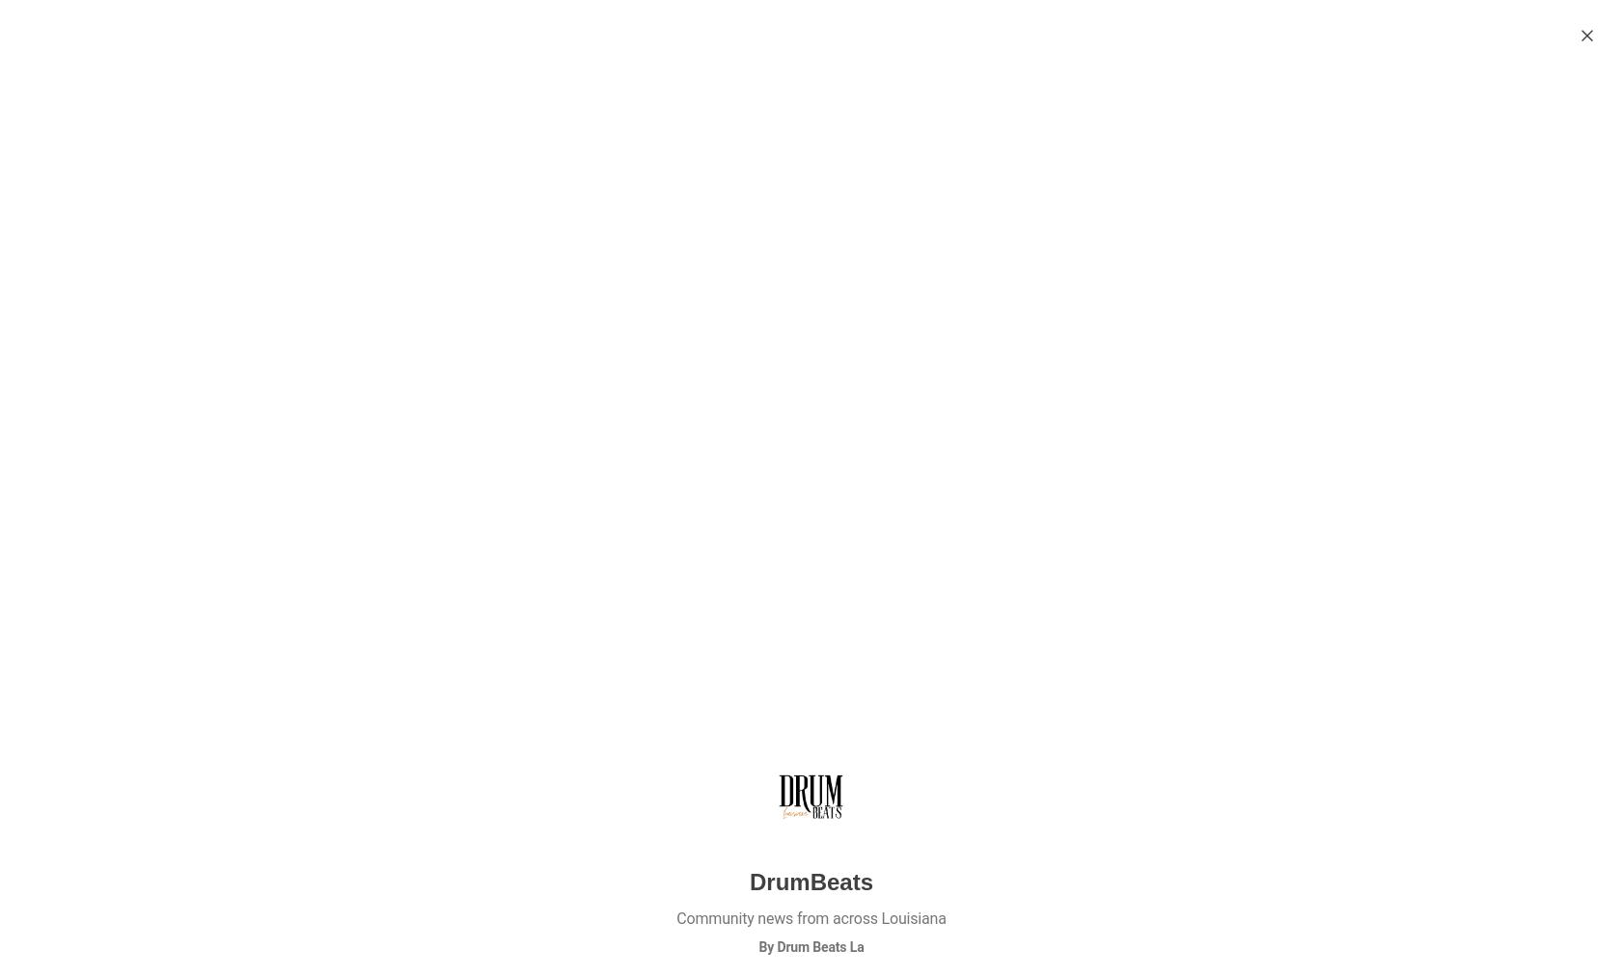 This screenshot has width=1623, height=977. I want to click on 'Most Popular', so click(1191, 148).